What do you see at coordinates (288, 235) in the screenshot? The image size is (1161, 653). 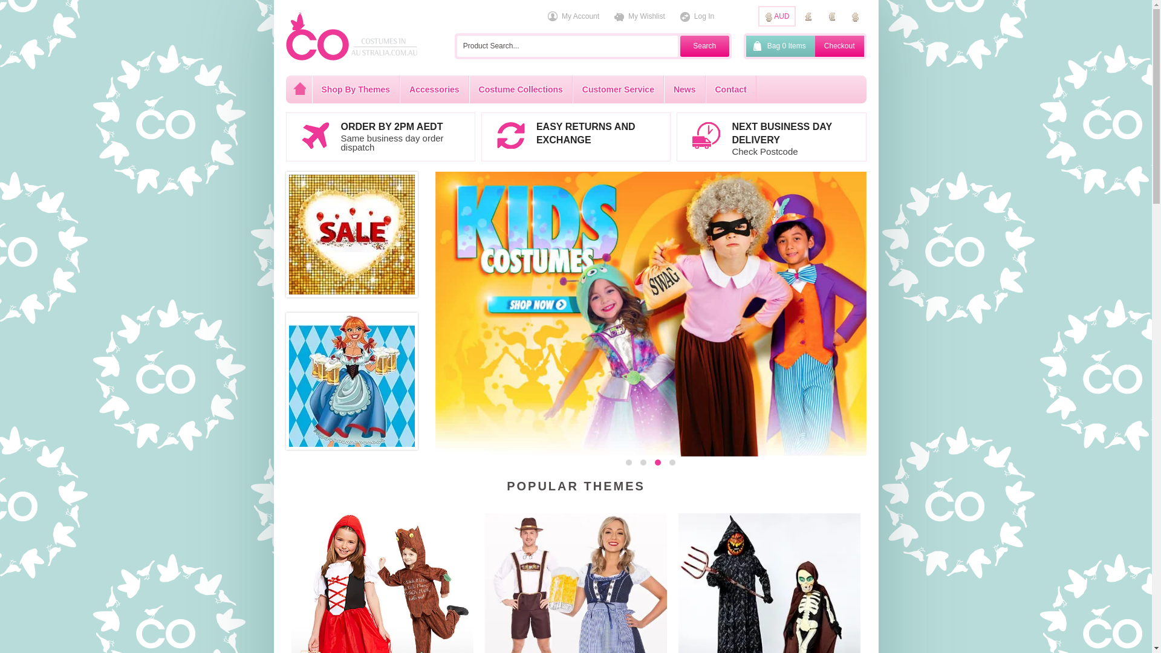 I see `'Sale'` at bounding box center [288, 235].